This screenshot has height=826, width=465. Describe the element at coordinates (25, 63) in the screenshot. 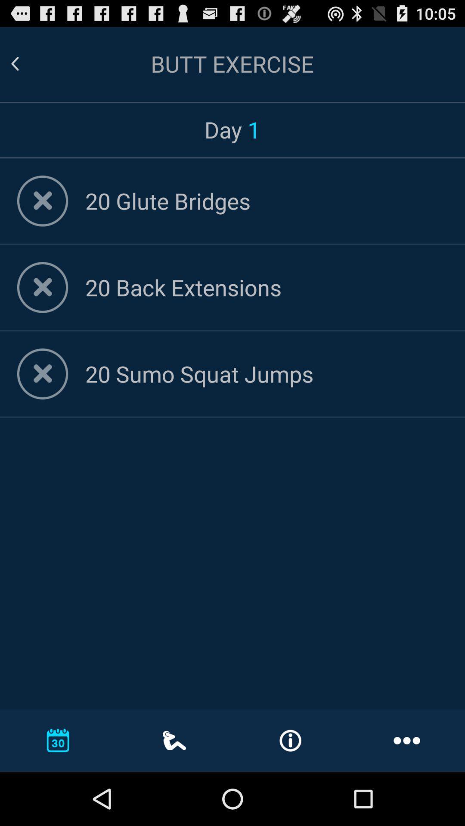

I see `go back` at that location.